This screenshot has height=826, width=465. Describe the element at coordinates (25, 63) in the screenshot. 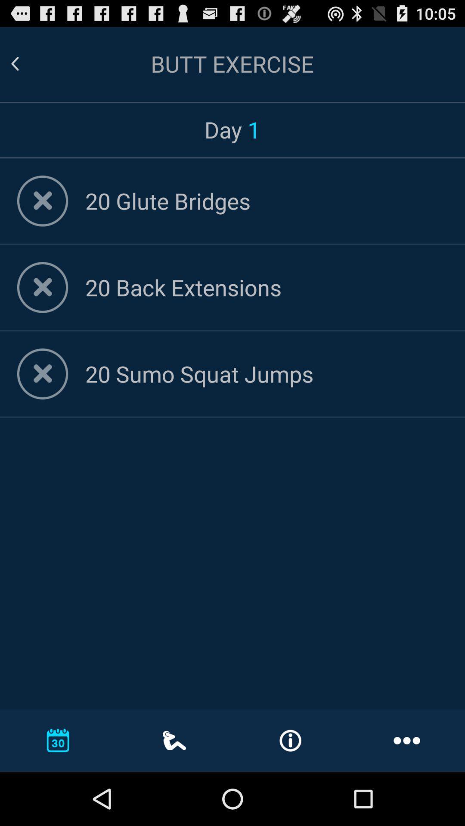

I see `go back` at that location.